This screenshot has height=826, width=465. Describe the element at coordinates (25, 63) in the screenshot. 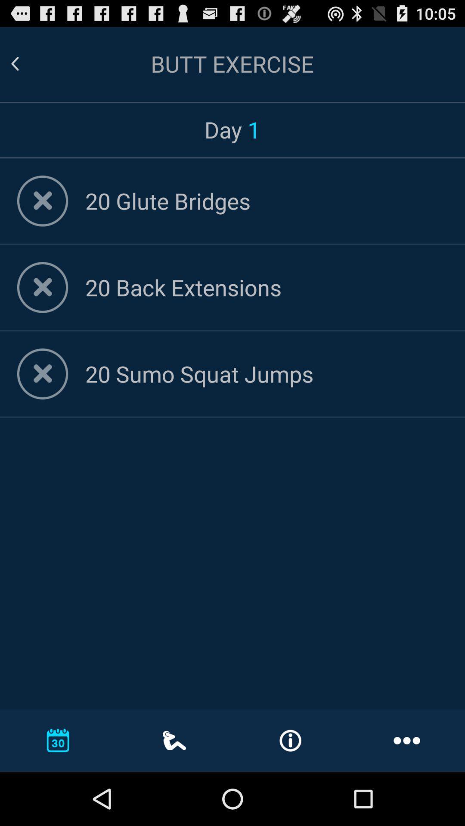

I see `go back` at that location.